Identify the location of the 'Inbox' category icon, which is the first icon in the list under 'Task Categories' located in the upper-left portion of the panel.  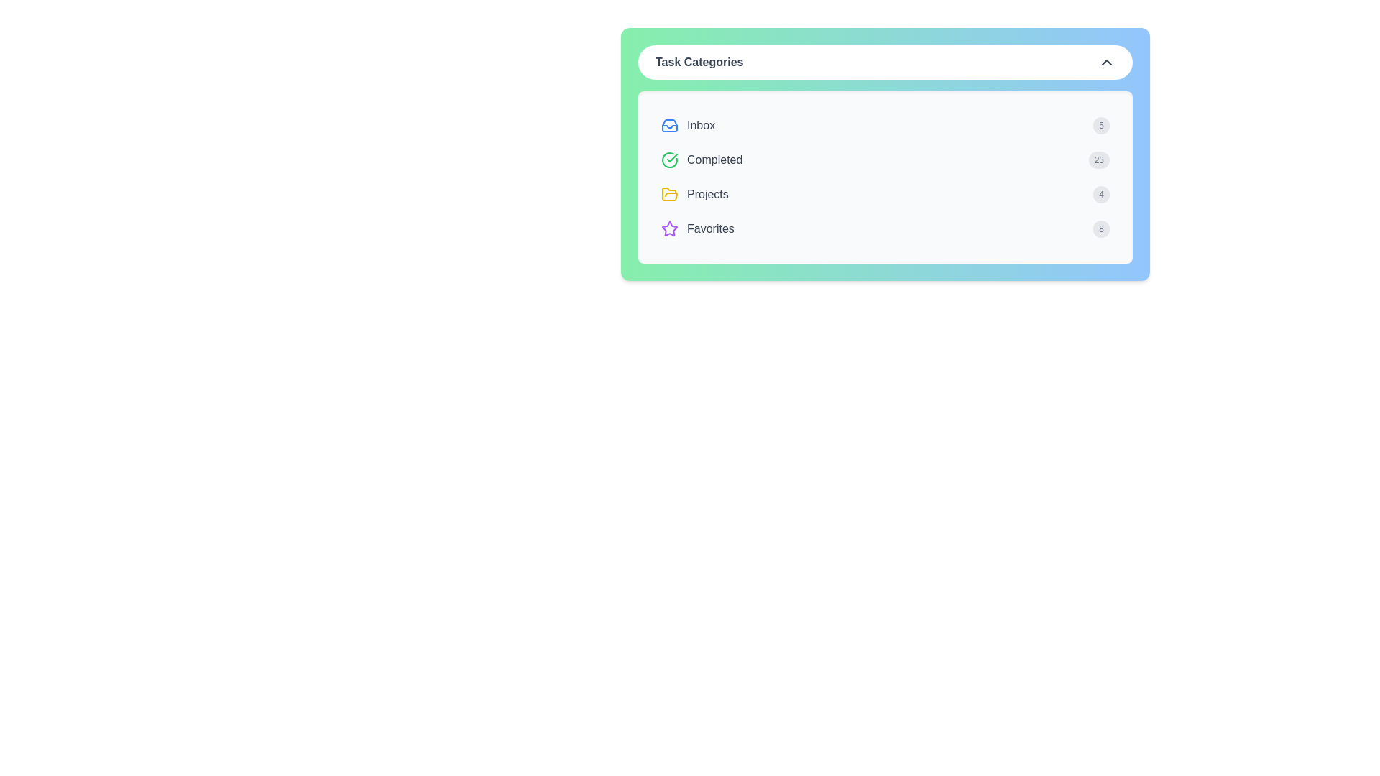
(668, 124).